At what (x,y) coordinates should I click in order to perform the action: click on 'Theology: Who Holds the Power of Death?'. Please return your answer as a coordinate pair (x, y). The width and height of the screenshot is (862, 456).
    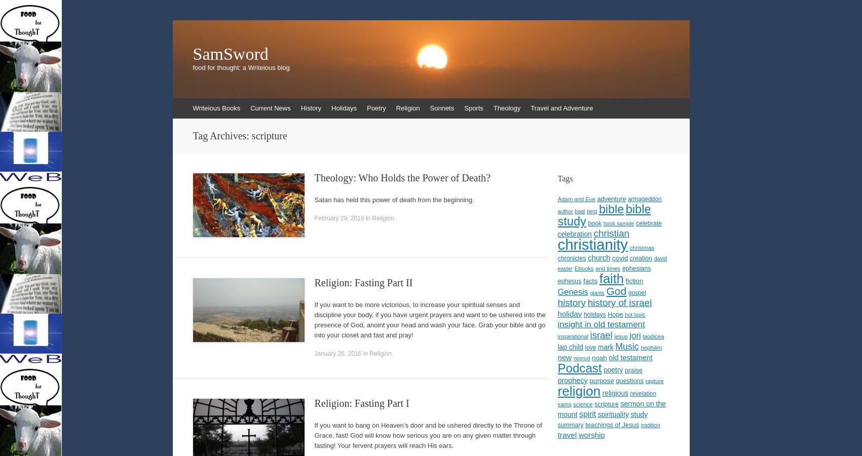
    Looking at the image, I should click on (402, 178).